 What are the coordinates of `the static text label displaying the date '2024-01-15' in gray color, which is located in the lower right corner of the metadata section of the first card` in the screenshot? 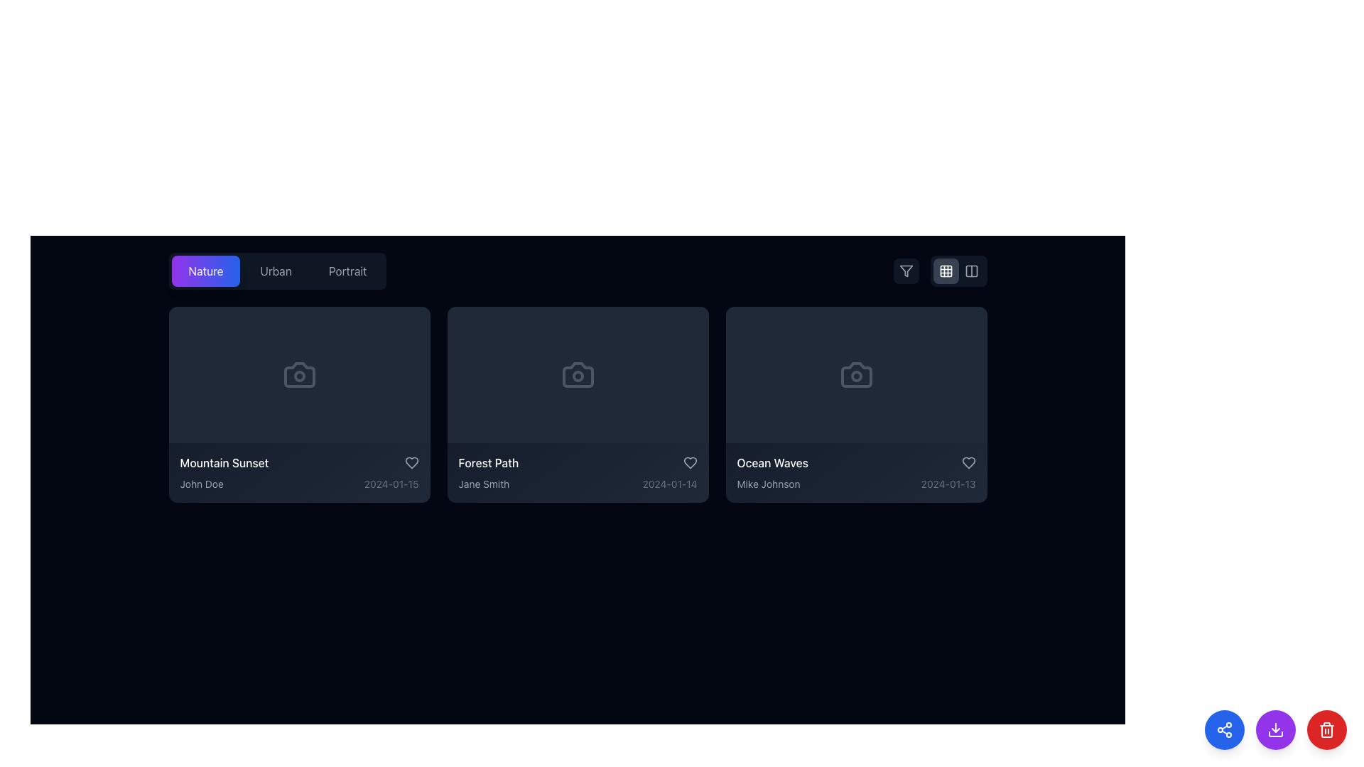 It's located at (391, 484).